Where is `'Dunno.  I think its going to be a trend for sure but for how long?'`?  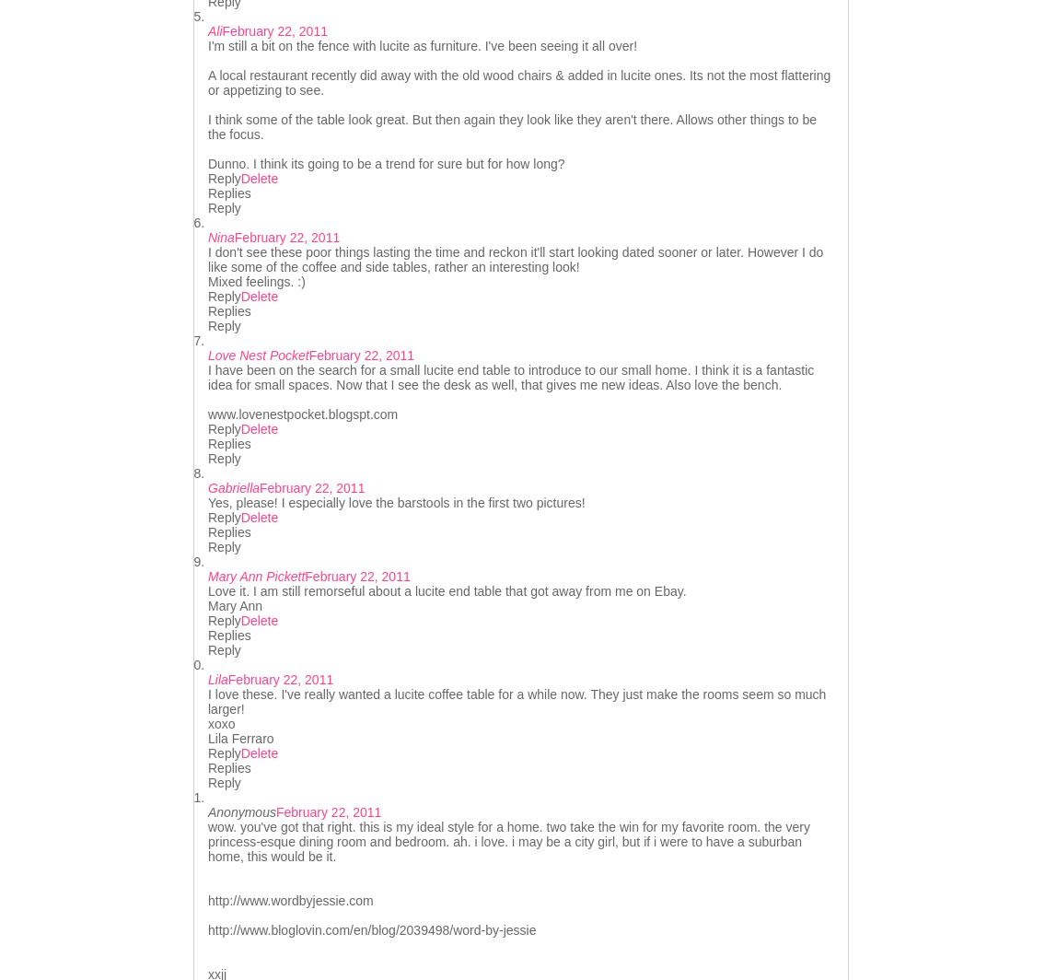
'Dunno.  I think its going to be a trend for sure but for how long?' is located at coordinates (385, 164).